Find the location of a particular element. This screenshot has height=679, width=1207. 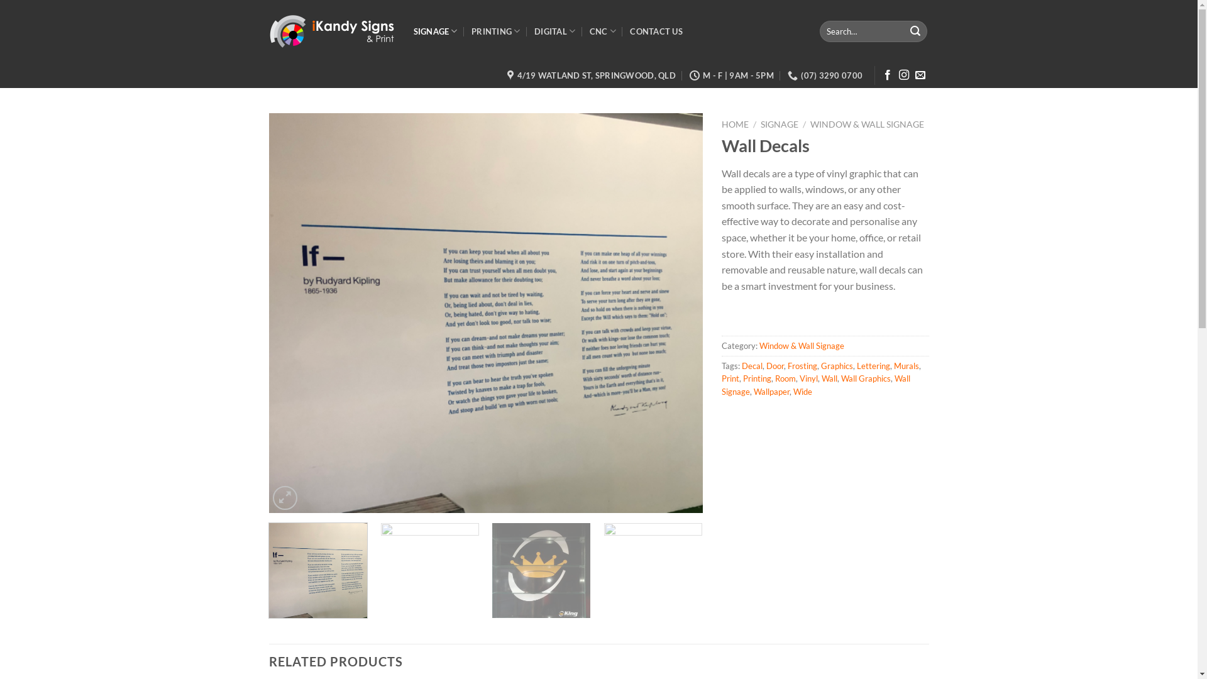

'PRINTING' is located at coordinates (495, 30).